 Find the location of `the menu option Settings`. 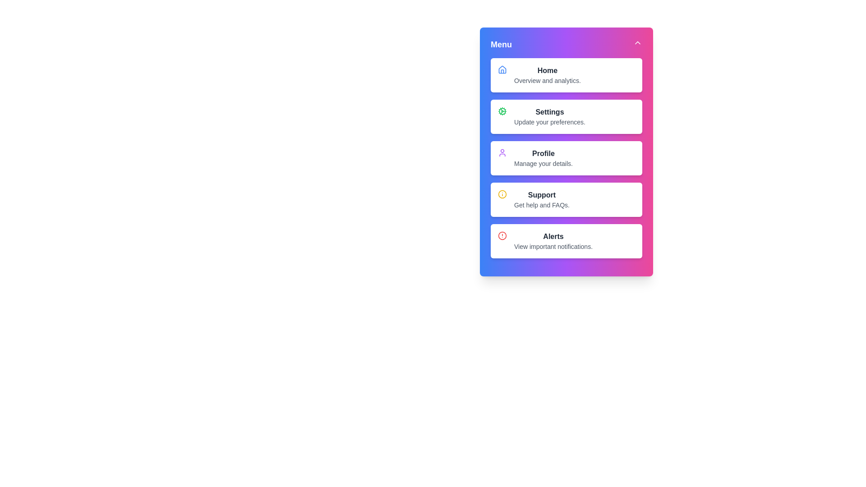

the menu option Settings is located at coordinates (541, 112).